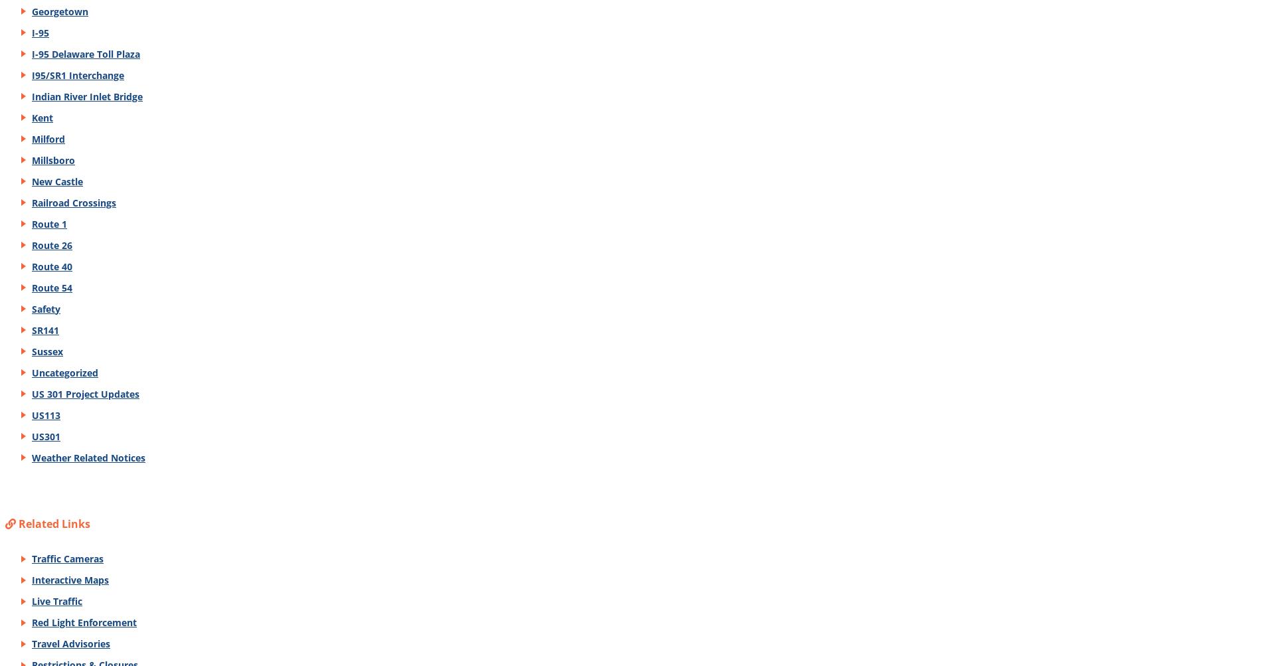 The image size is (1267, 666). Describe the element at coordinates (77, 74) in the screenshot. I see `'I95/SR1 Interchange'` at that location.